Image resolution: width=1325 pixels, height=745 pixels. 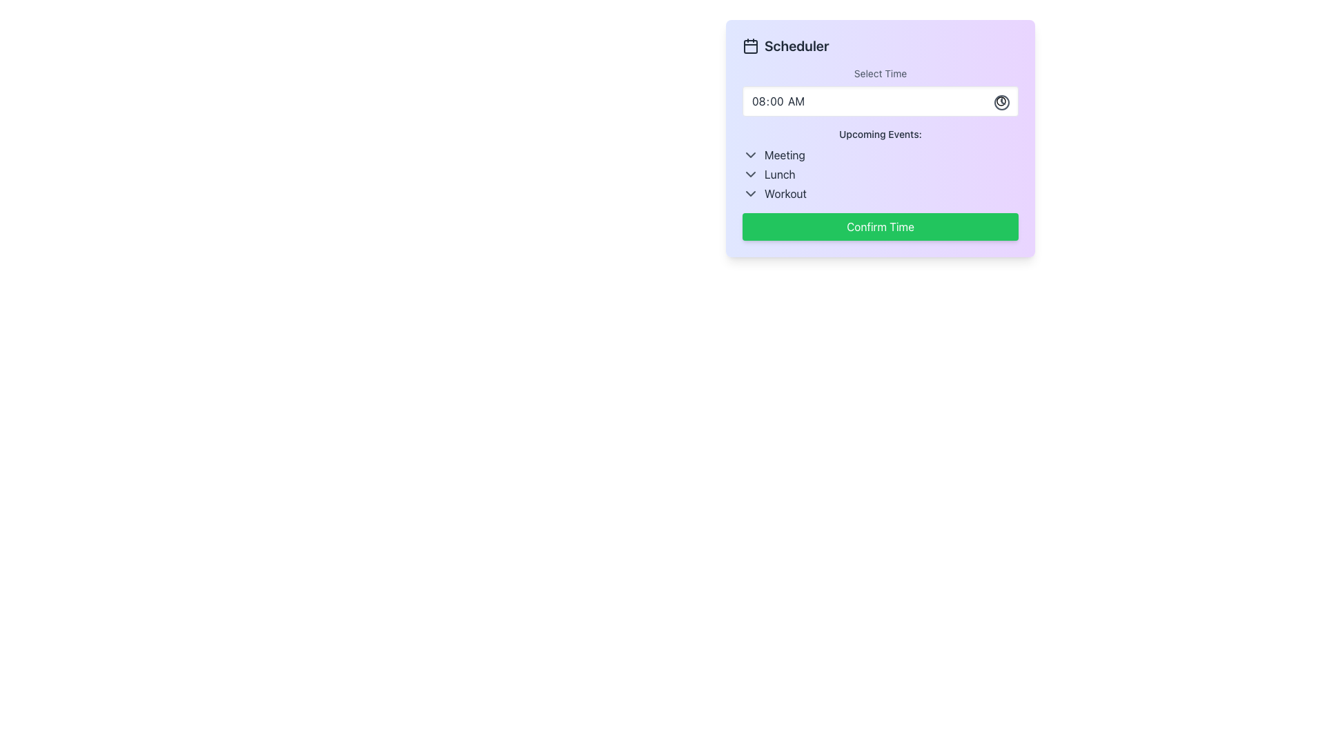 I want to click on the circular clock icon with a black outline and white interior, located in the top-right area of the time selection input box, so click(x=1001, y=102).